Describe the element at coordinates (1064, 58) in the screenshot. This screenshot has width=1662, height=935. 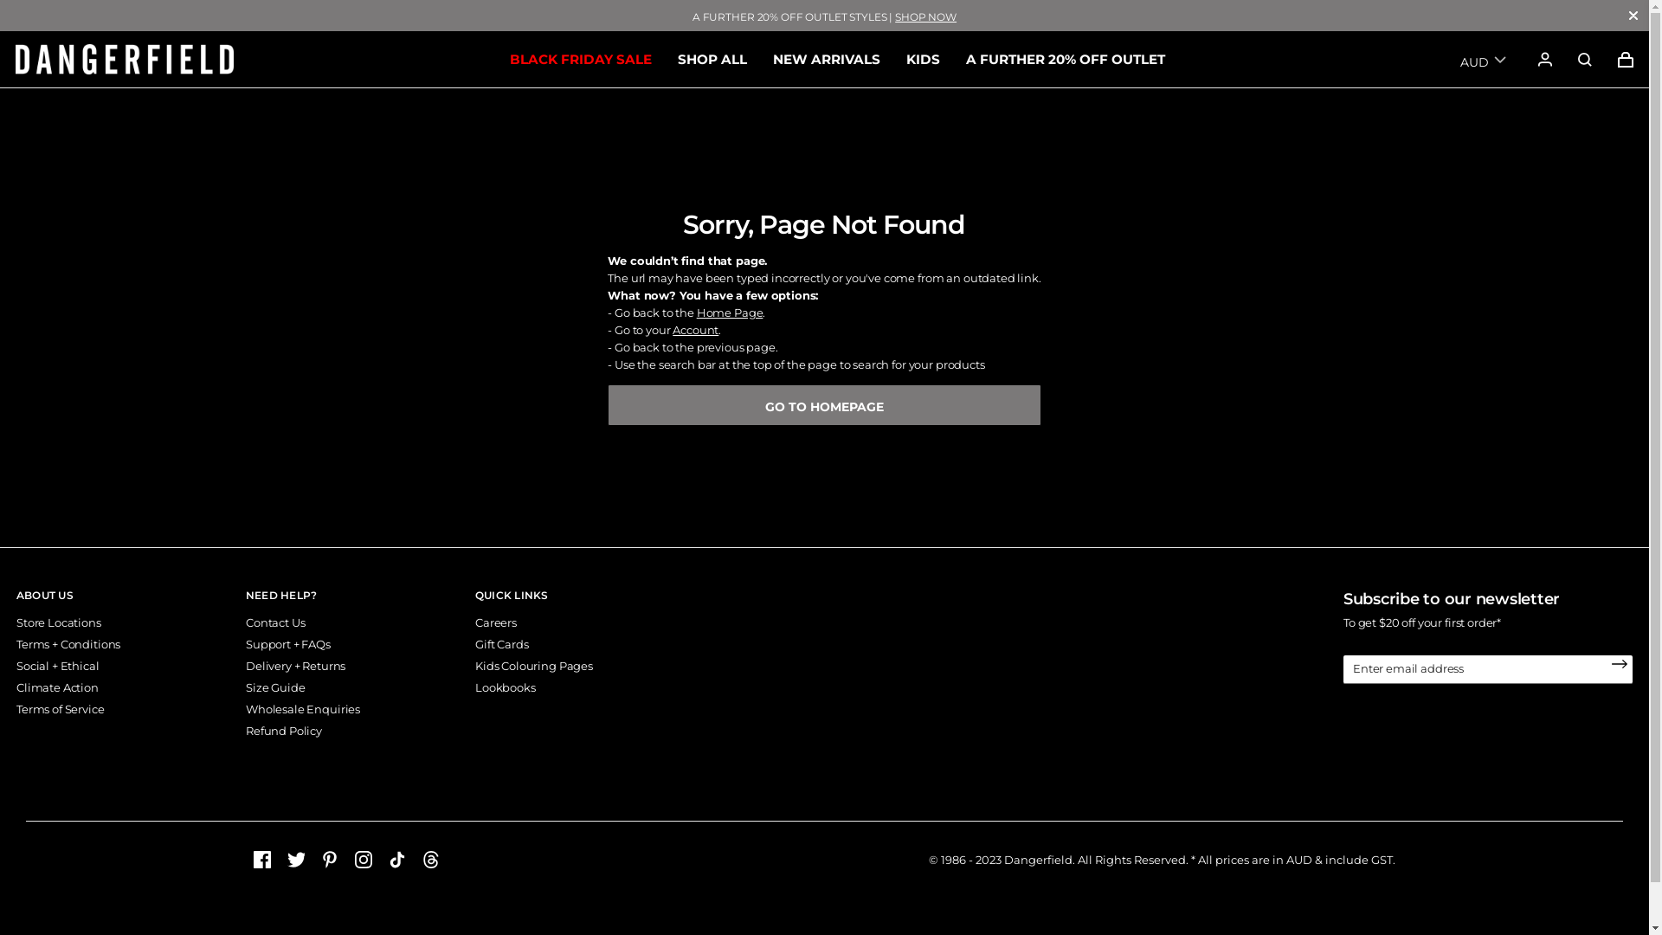
I see `'A FURTHER 20% OFF OUTLET'` at that location.